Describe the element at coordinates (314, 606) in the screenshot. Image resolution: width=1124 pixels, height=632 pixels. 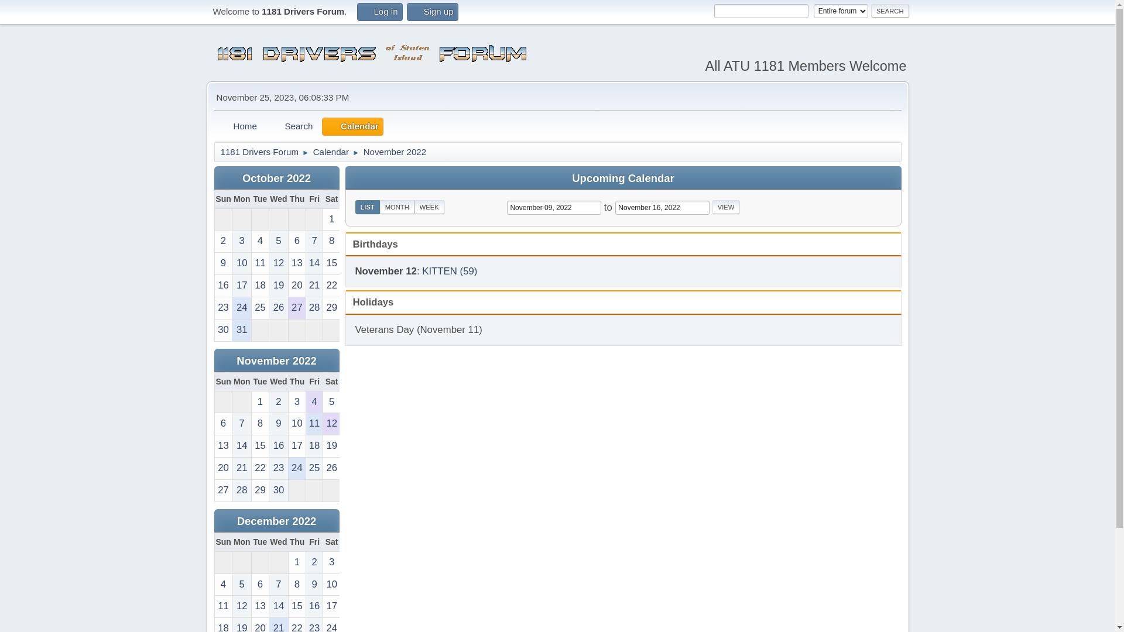
I see `'16'` at that location.